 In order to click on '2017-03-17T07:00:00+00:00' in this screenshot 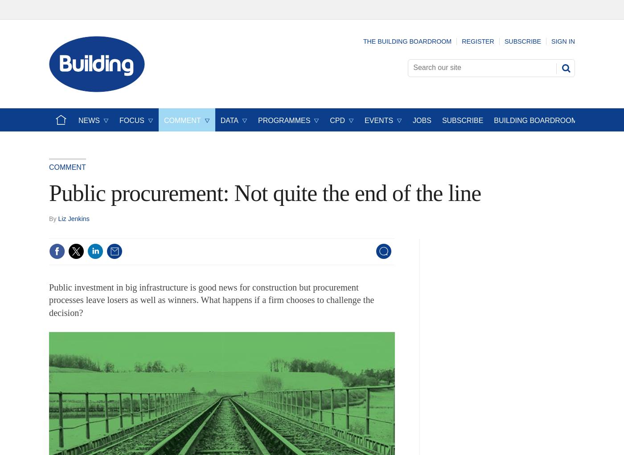, I will do `click(95, 217)`.